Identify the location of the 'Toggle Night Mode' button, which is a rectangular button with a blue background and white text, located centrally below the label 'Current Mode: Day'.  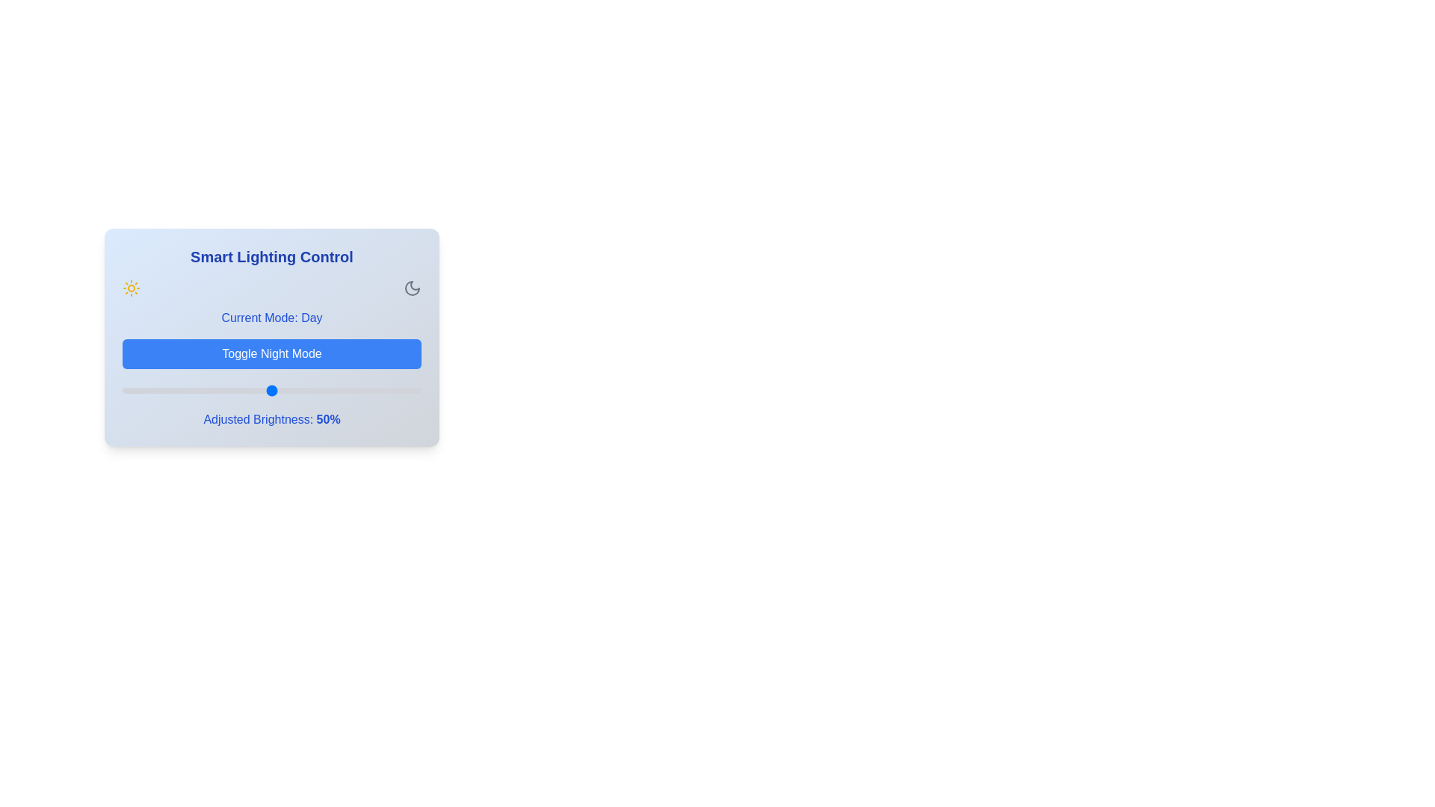
(272, 354).